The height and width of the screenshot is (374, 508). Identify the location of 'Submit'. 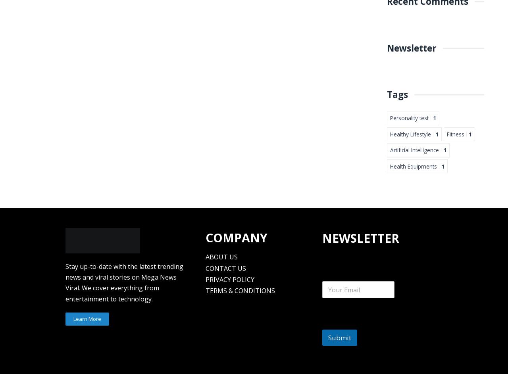
(327, 338).